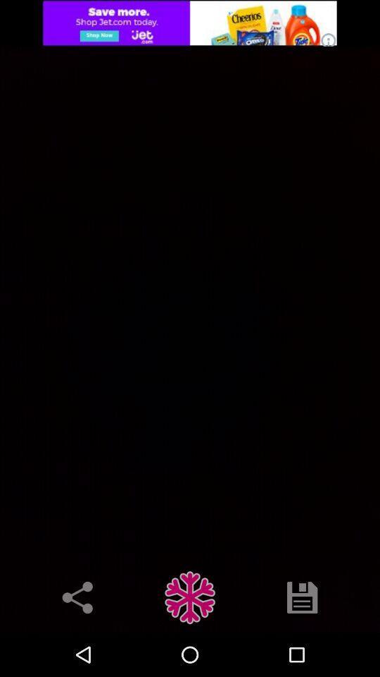 The height and width of the screenshot is (677, 380). I want to click on open advertisement, so click(190, 22).